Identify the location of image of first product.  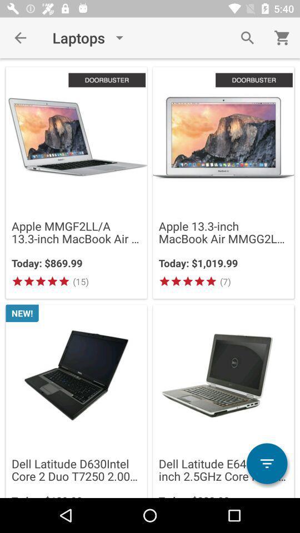
(76, 137).